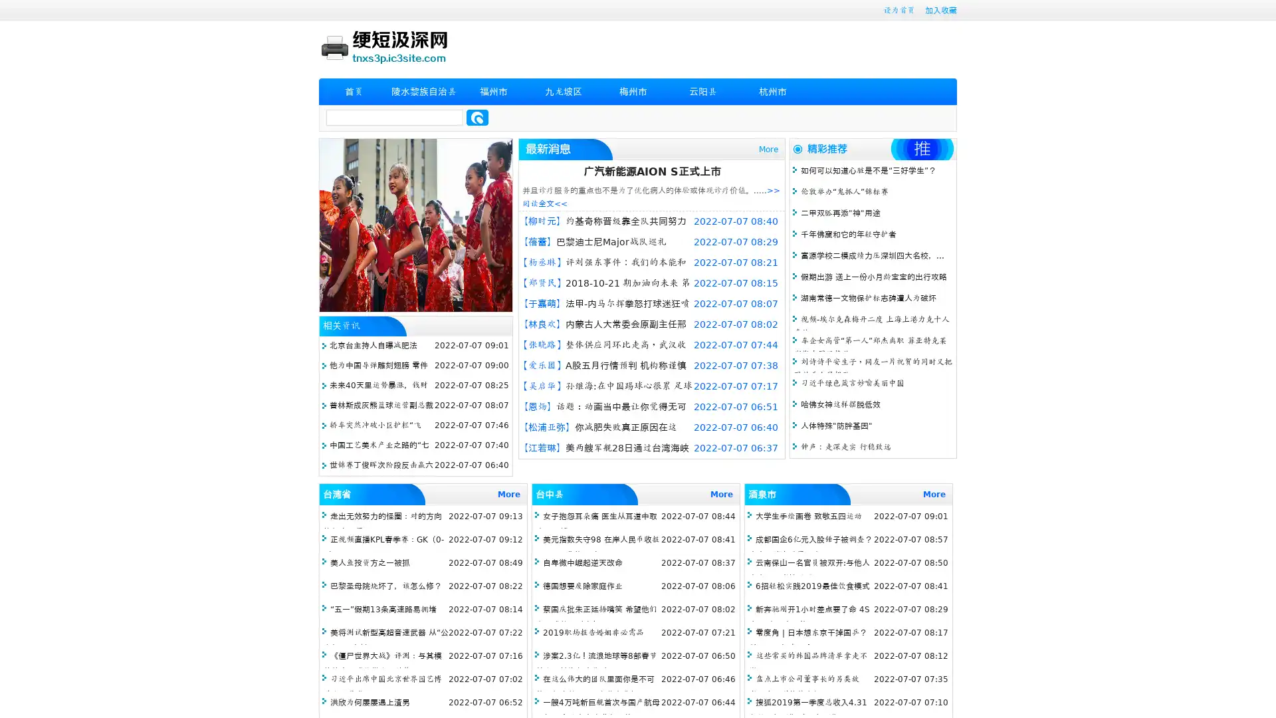 This screenshot has width=1276, height=718. What do you see at coordinates (477, 117) in the screenshot?
I see `Search` at bounding box center [477, 117].